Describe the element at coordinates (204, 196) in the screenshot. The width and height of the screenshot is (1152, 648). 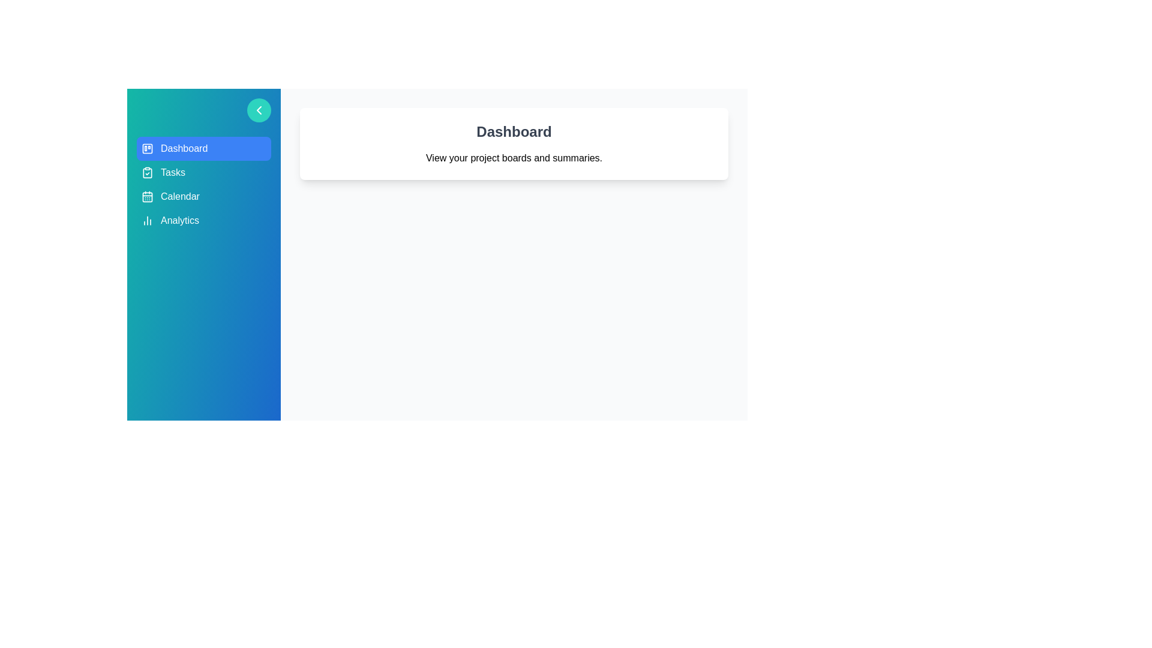
I see `the 'Calendar' menu item in the vertical sidebar` at that location.